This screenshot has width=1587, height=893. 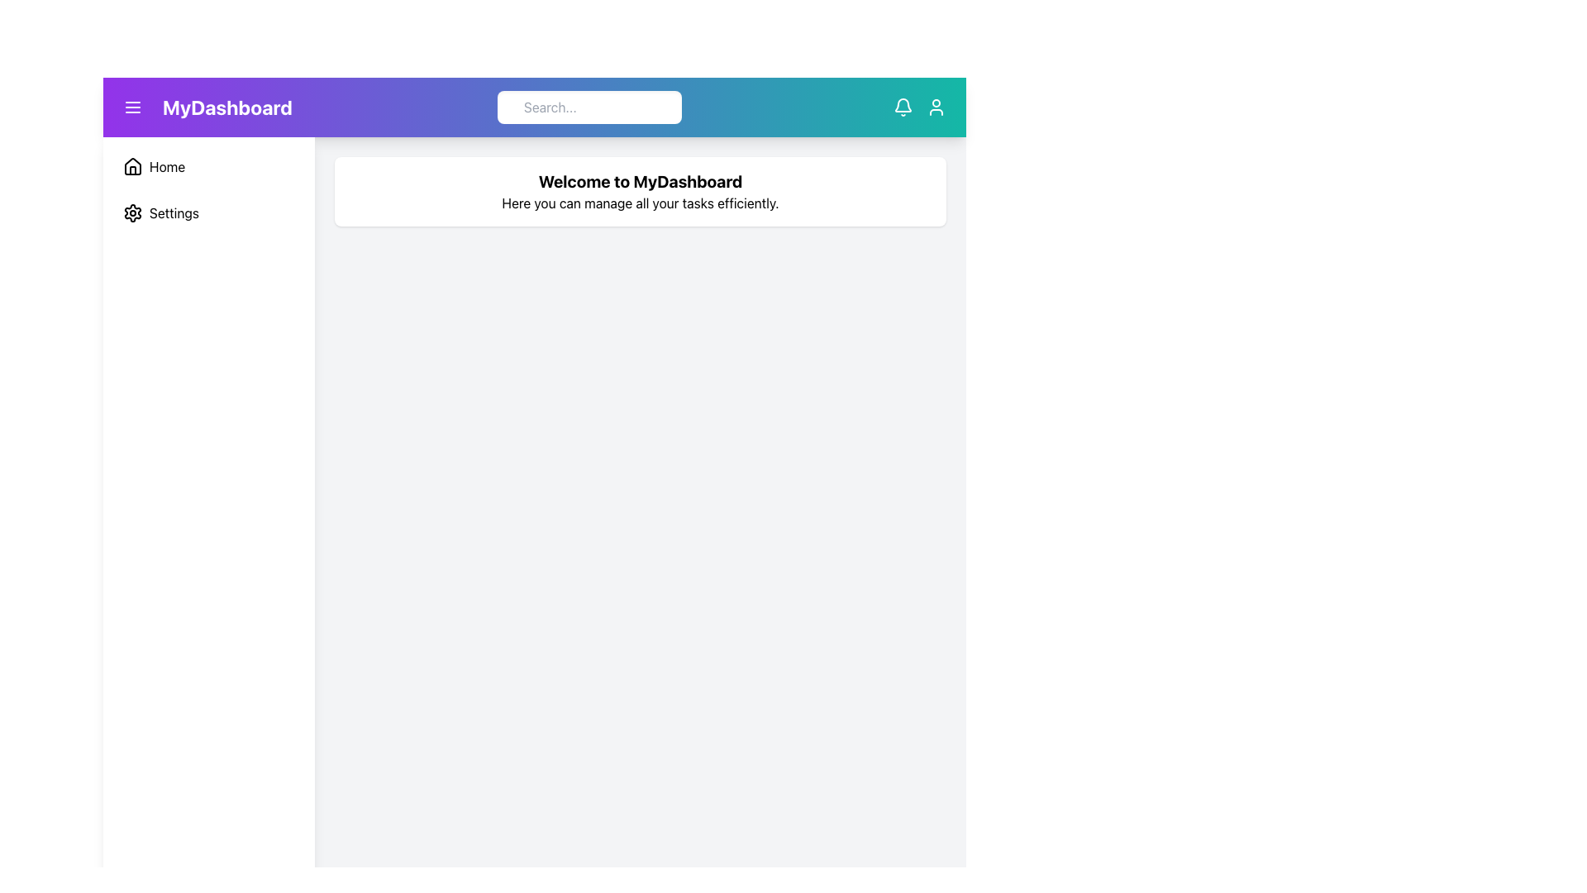 What do you see at coordinates (919, 107) in the screenshot?
I see `the grouped interactive icons located at the top-right corner of the header section` at bounding box center [919, 107].